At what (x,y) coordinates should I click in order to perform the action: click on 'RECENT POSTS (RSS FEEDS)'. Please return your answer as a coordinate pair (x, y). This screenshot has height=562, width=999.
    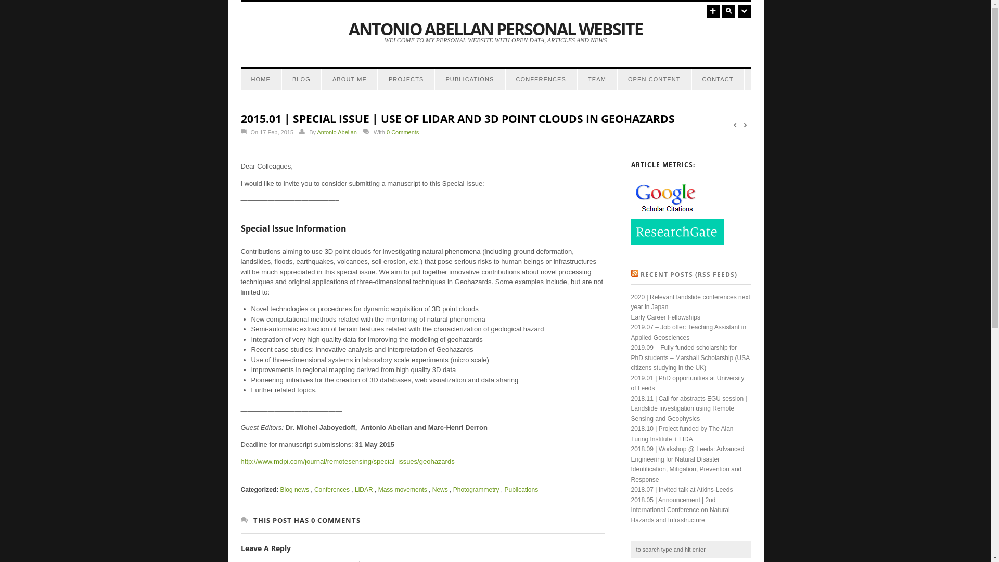
    Looking at the image, I should click on (688, 274).